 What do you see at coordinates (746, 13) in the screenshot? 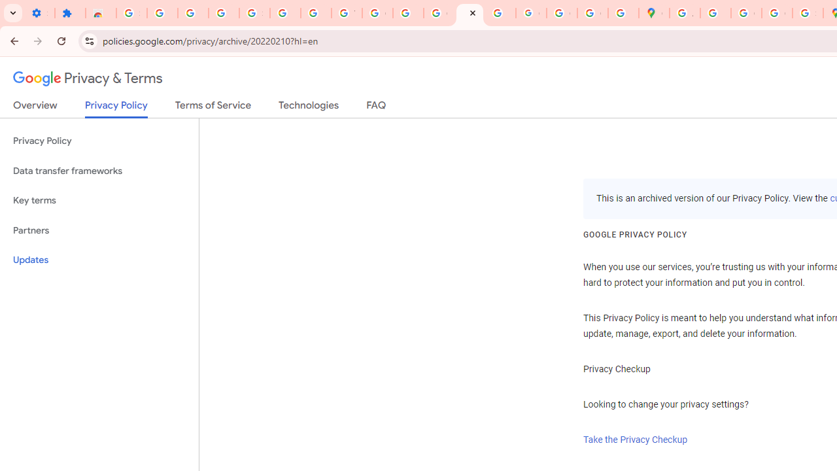
I see `'Create your Google Account'` at bounding box center [746, 13].